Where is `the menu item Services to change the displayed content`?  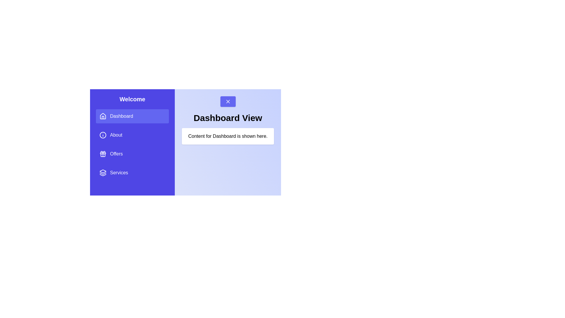
the menu item Services to change the displayed content is located at coordinates (132, 172).